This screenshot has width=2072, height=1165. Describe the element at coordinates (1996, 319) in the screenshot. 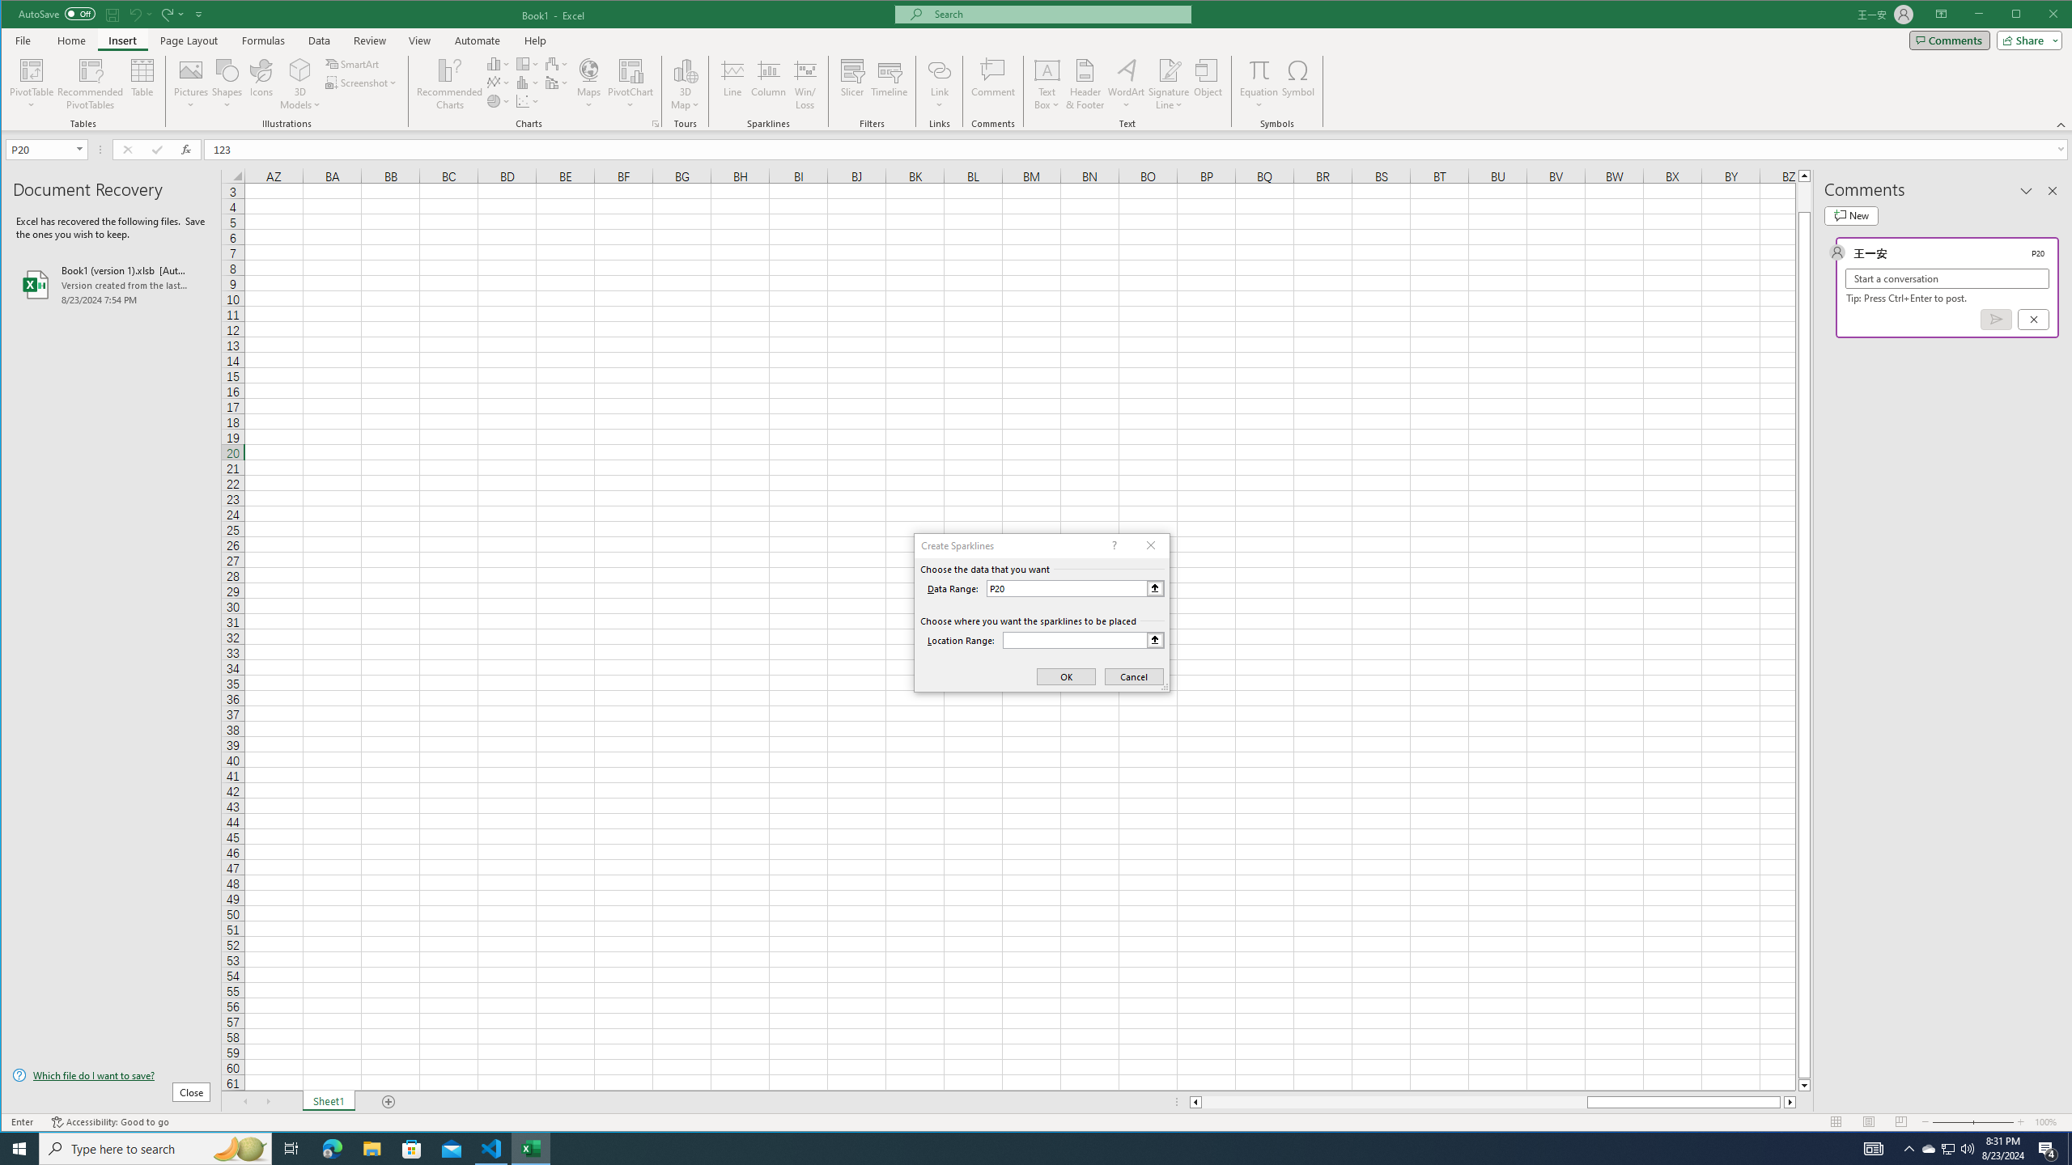

I see `'Post comment (Ctrl + Enter)'` at that location.